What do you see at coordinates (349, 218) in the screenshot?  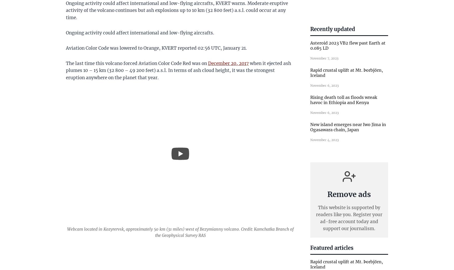 I see `'This website is supported by readers like you. Register your ad-free account today and support our journalism.'` at bounding box center [349, 218].